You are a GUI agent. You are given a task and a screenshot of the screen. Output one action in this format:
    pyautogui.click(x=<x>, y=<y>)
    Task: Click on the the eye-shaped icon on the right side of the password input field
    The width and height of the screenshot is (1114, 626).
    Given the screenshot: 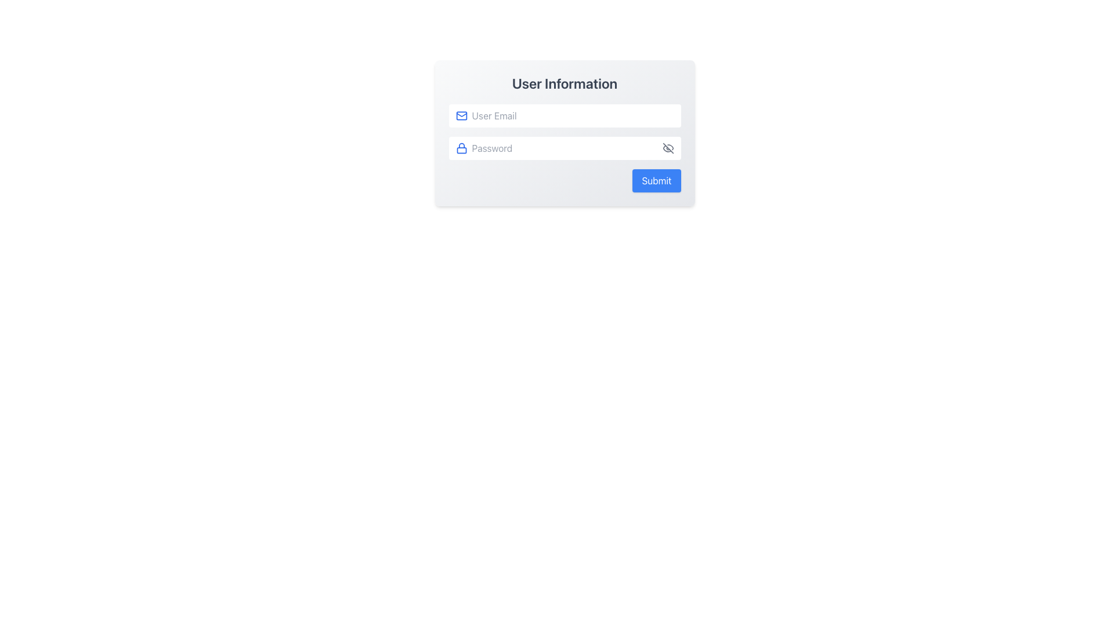 What is the action you would take?
    pyautogui.click(x=668, y=147)
    